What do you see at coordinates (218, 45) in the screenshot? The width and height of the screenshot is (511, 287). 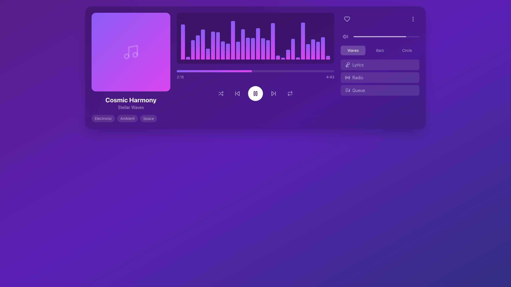 I see `the eighth bar in the bar chart that represents a specific value or measurement` at bounding box center [218, 45].